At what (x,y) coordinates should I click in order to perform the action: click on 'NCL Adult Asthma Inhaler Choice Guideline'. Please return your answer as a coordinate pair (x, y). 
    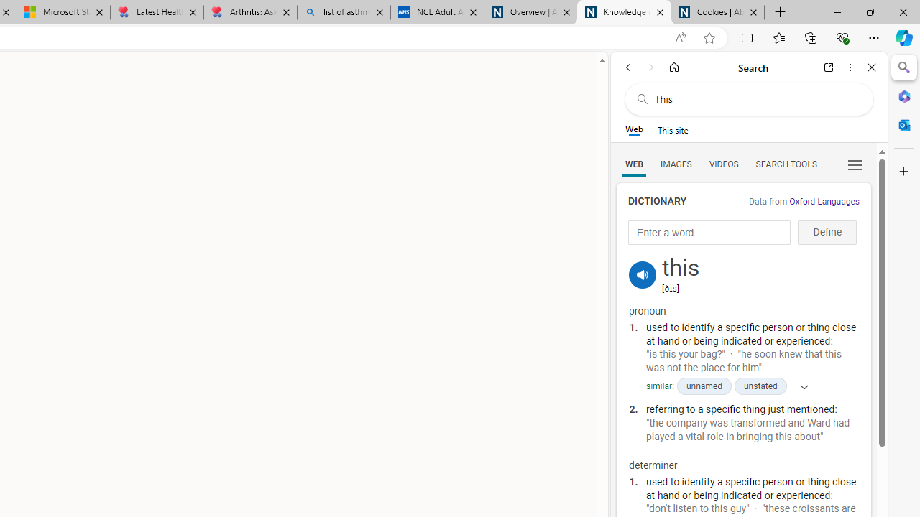
    Looking at the image, I should click on (436, 12).